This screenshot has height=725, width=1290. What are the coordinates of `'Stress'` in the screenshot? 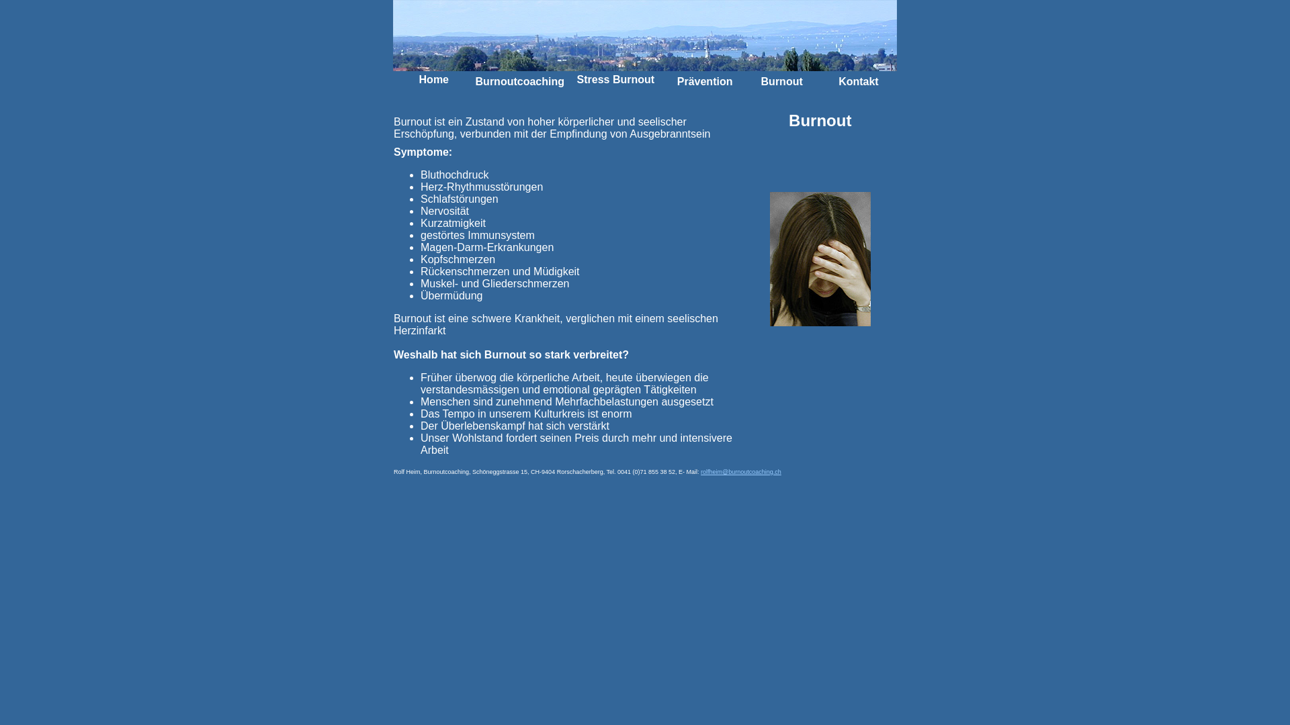 It's located at (577, 79).